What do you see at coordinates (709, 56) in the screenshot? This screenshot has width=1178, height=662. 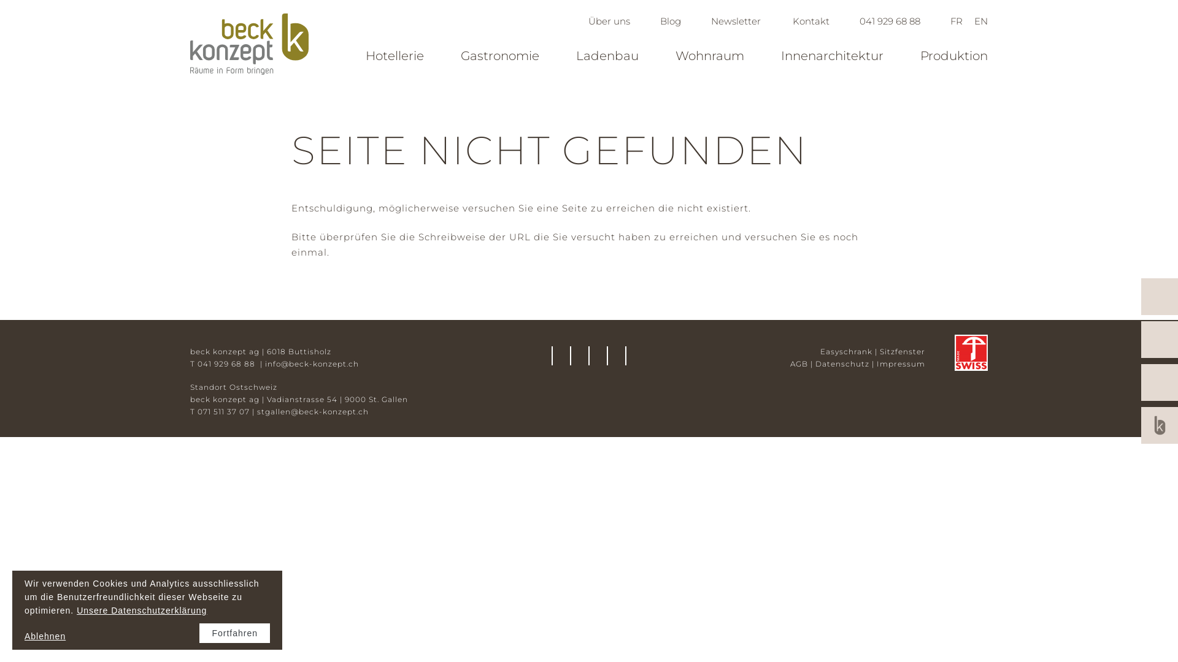 I see `'Wohnraum'` at bounding box center [709, 56].